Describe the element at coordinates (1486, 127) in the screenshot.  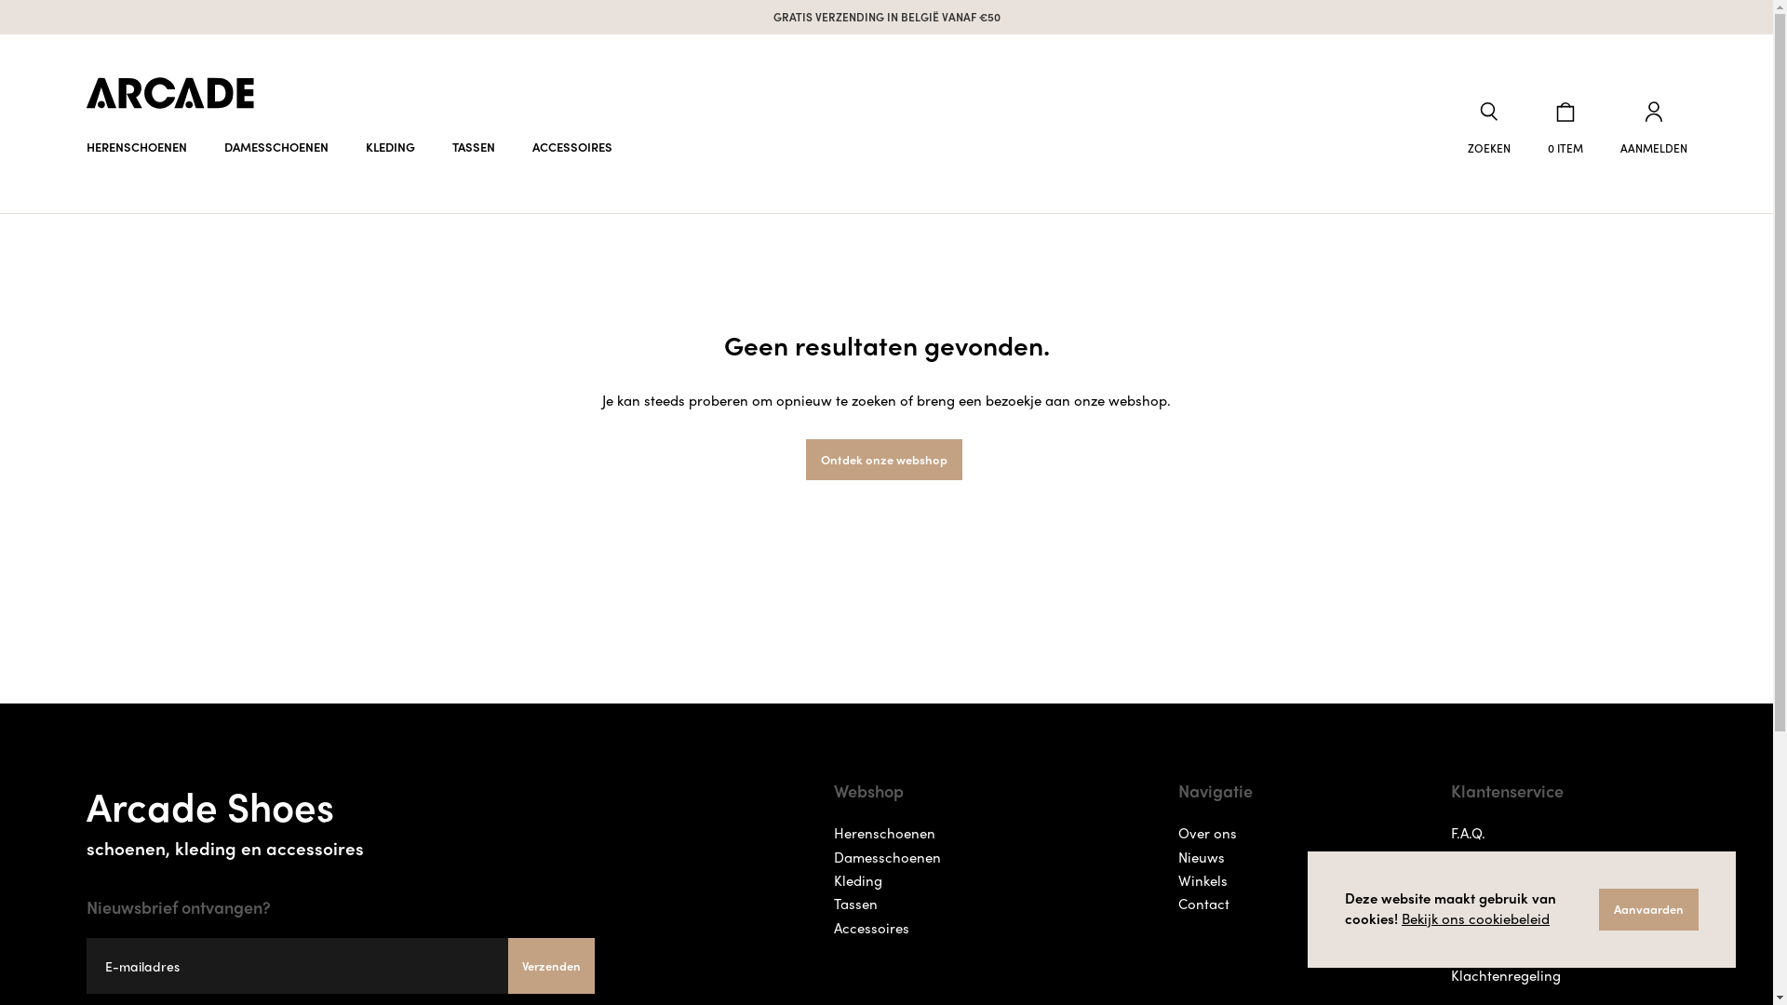
I see `'ZOEKEN'` at that location.